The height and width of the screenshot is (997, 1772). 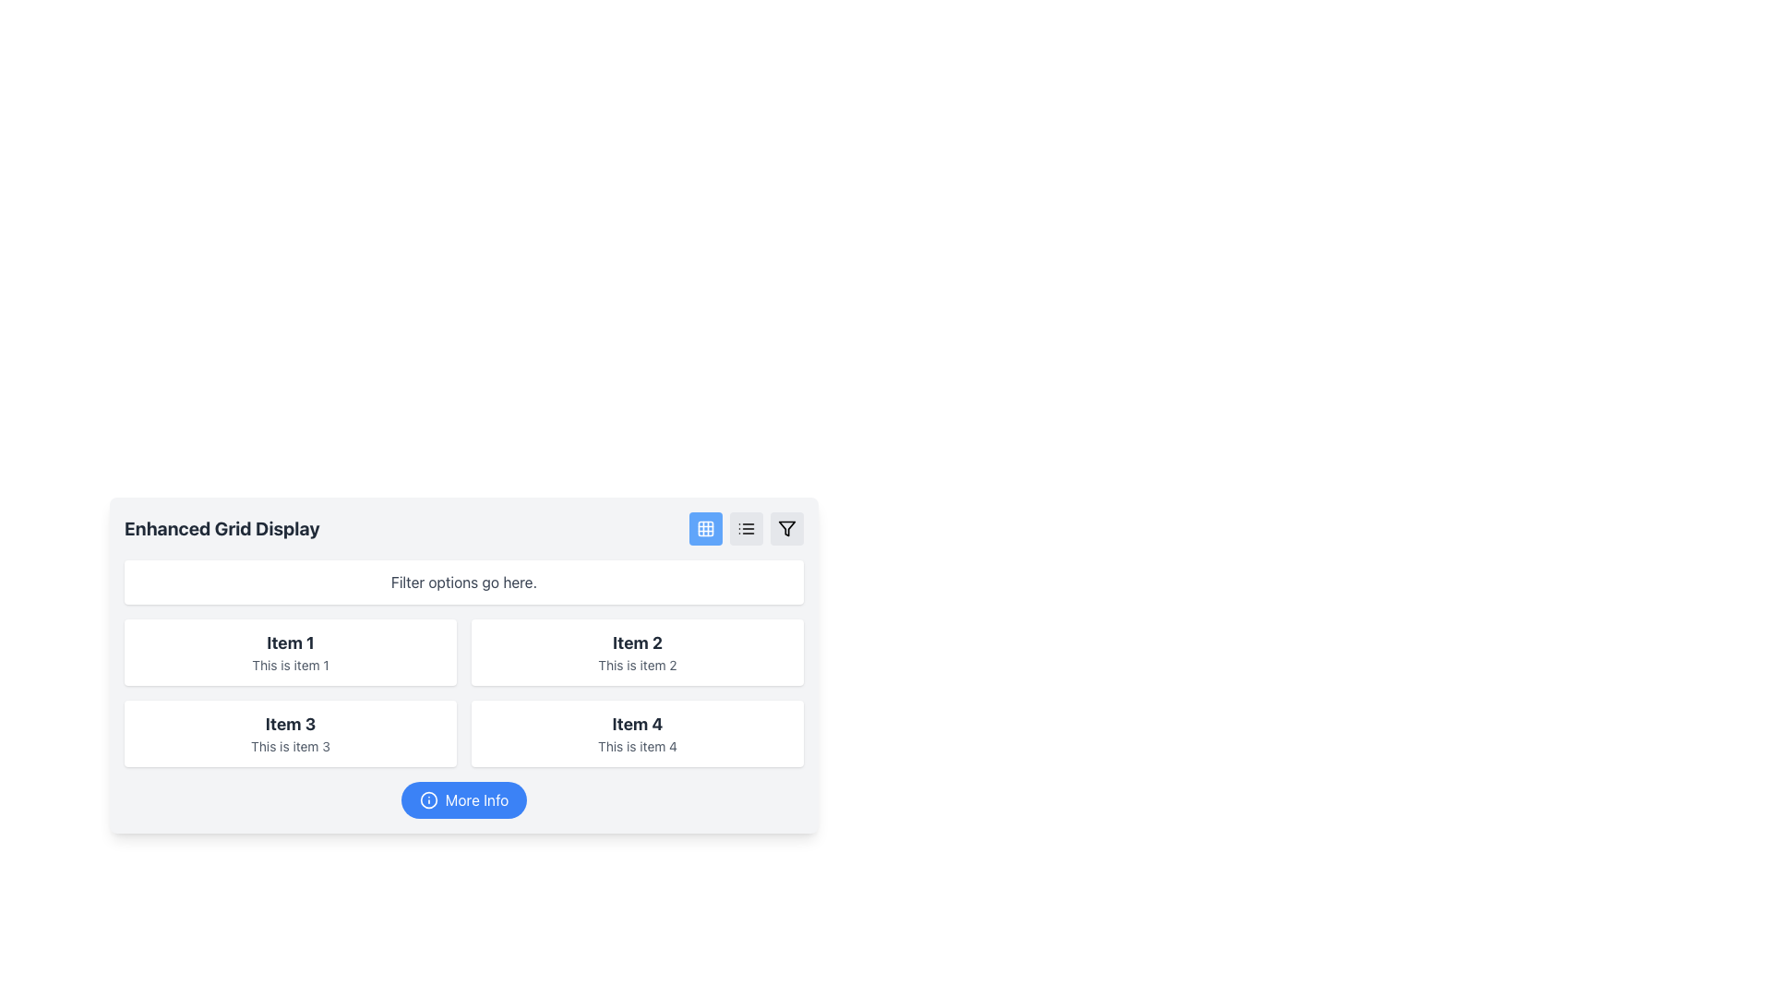 What do you see at coordinates (747, 529) in the screenshot?
I see `the view mode switching button located in the top-right corner of the widget area` at bounding box center [747, 529].